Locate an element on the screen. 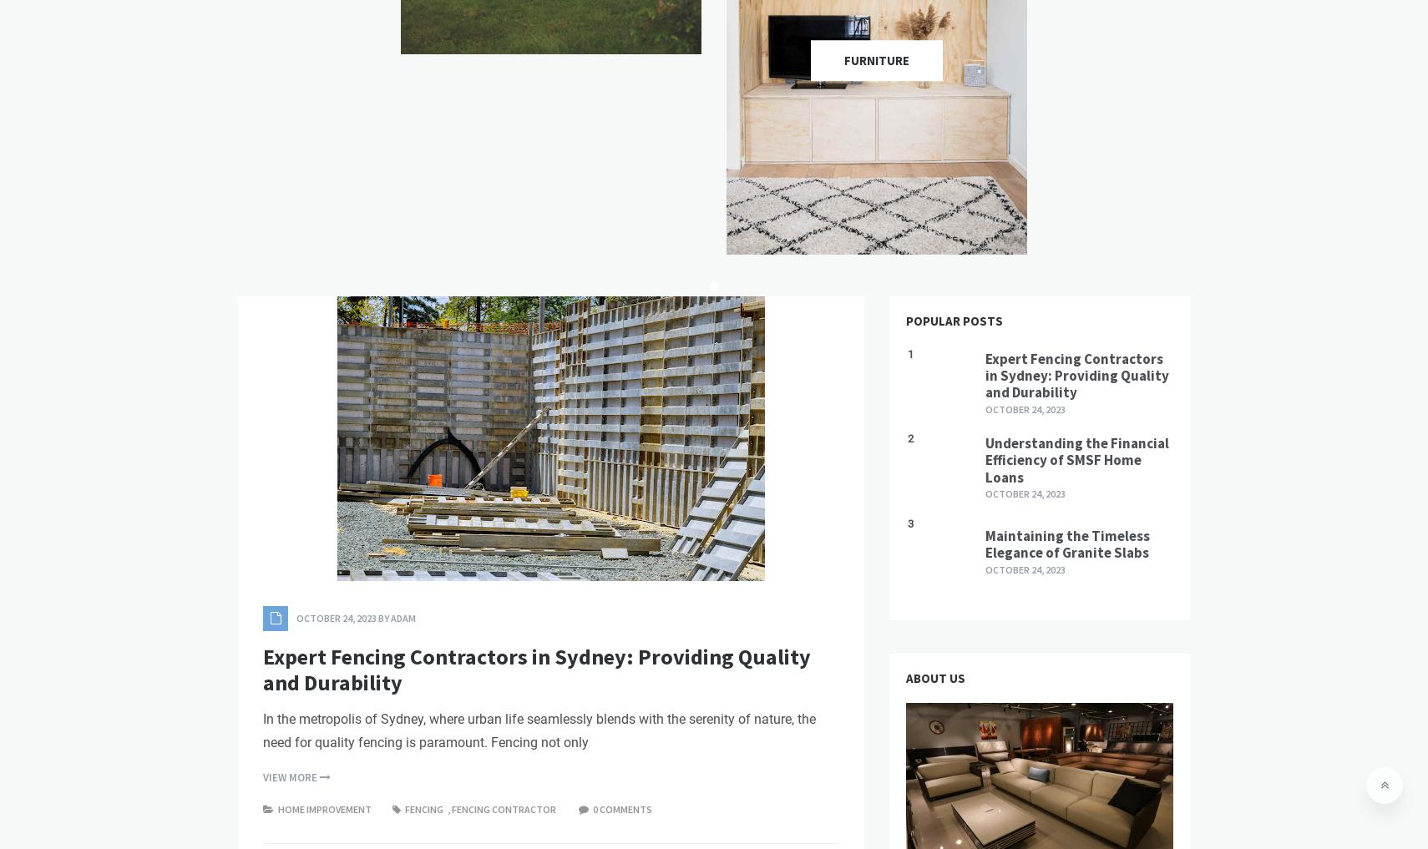 The image size is (1428, 849). '3' is located at coordinates (909, 523).